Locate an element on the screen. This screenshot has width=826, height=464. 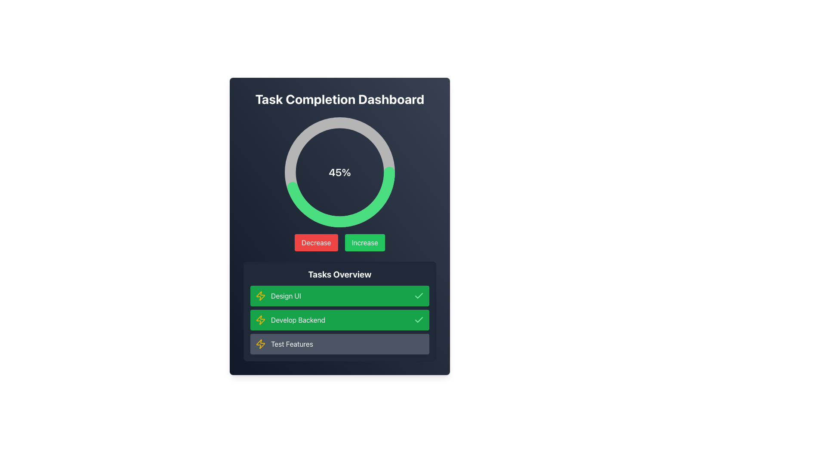
the yellow lightning bolt icon located in the 'Develop Backend' row of the 'Tasks Overview' section, which is horizontally aligned with the row and positioned to the left of the task label is located at coordinates (260, 320).